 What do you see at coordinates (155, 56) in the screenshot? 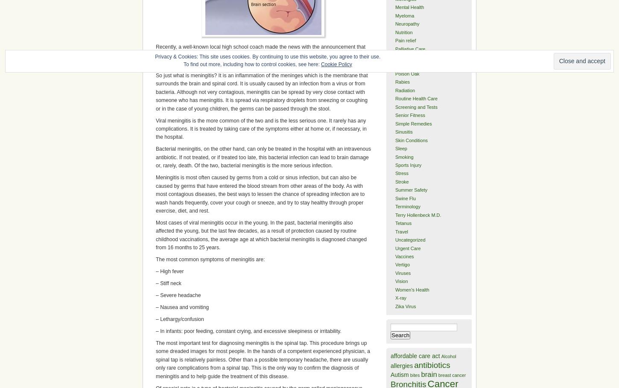
I see `'Privacy & Cookies: This site uses cookies. By continuing to use this website, you agree to their use.'` at bounding box center [155, 56].